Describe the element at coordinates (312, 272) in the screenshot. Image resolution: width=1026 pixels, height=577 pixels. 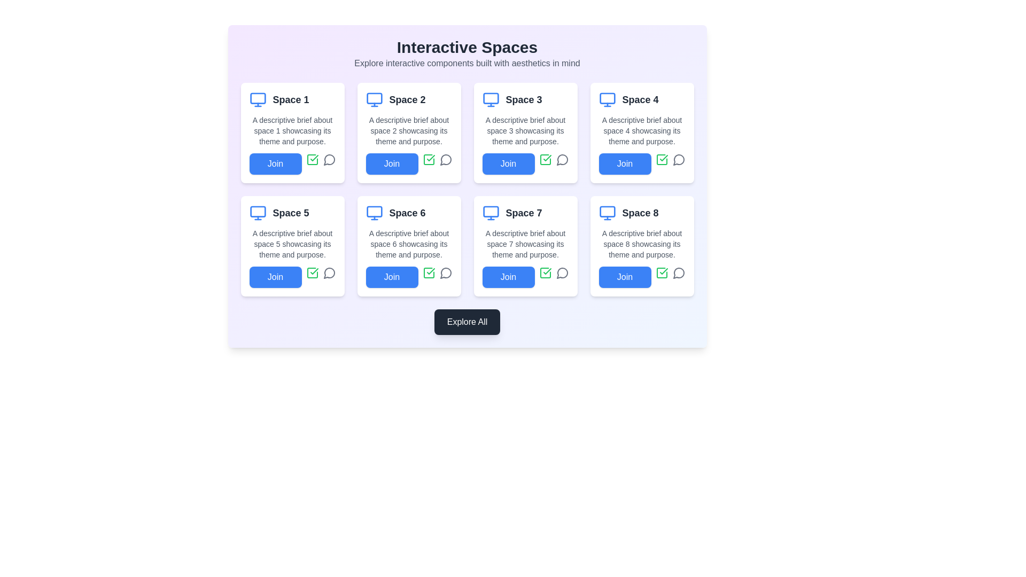
I see `the green rectangular icon with a check symbol that is located in the content area of 'Space 5', adjacent to the 'Join' button` at that location.